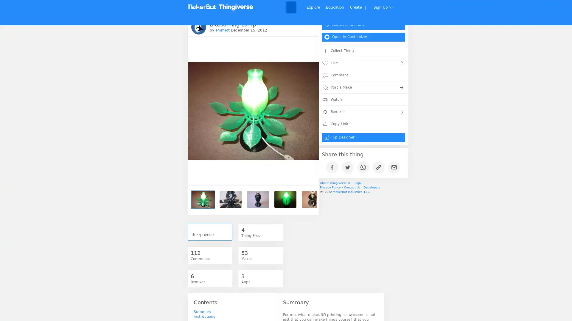 This screenshot has width=572, height=321. I want to click on slide item 10, so click(450, 199).